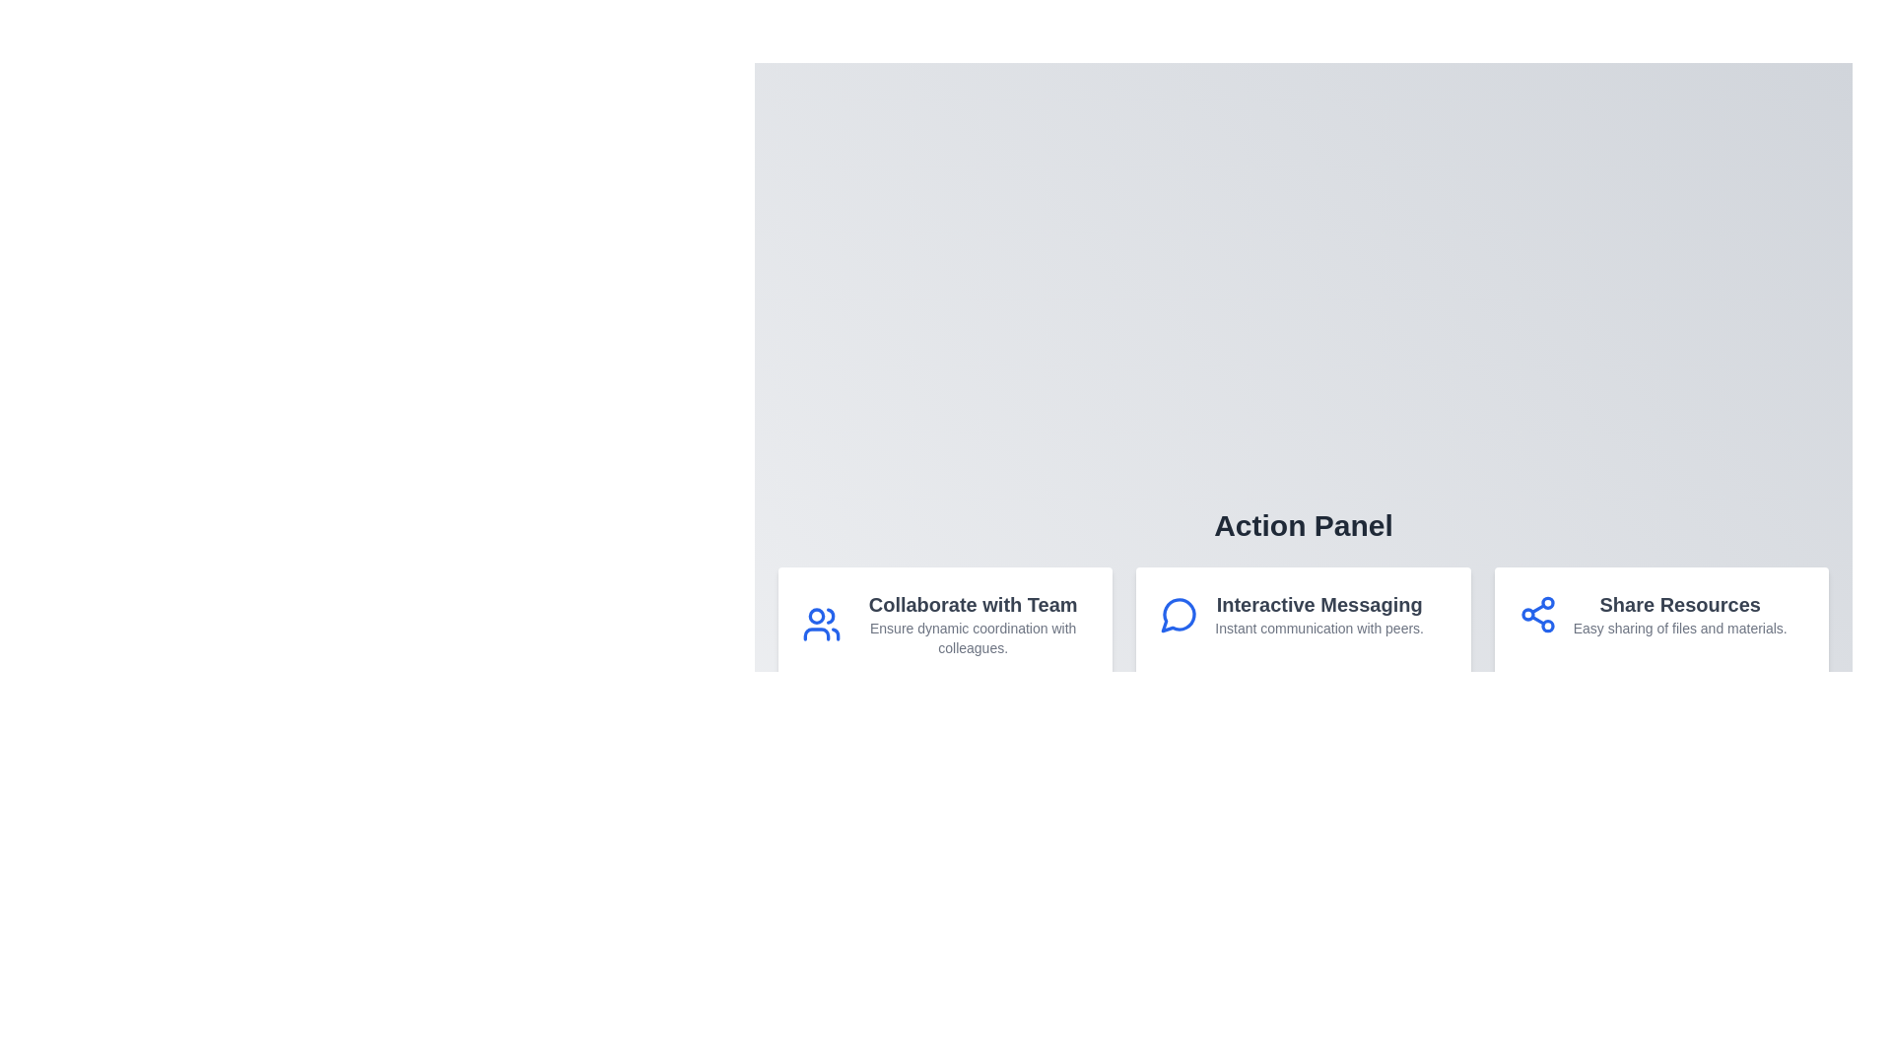 The image size is (1892, 1064). Describe the element at coordinates (973, 638) in the screenshot. I see `the descriptive text element located beneath the title 'Collaborate with Team' in the leftmost card of the 'Action Panel' section` at that location.